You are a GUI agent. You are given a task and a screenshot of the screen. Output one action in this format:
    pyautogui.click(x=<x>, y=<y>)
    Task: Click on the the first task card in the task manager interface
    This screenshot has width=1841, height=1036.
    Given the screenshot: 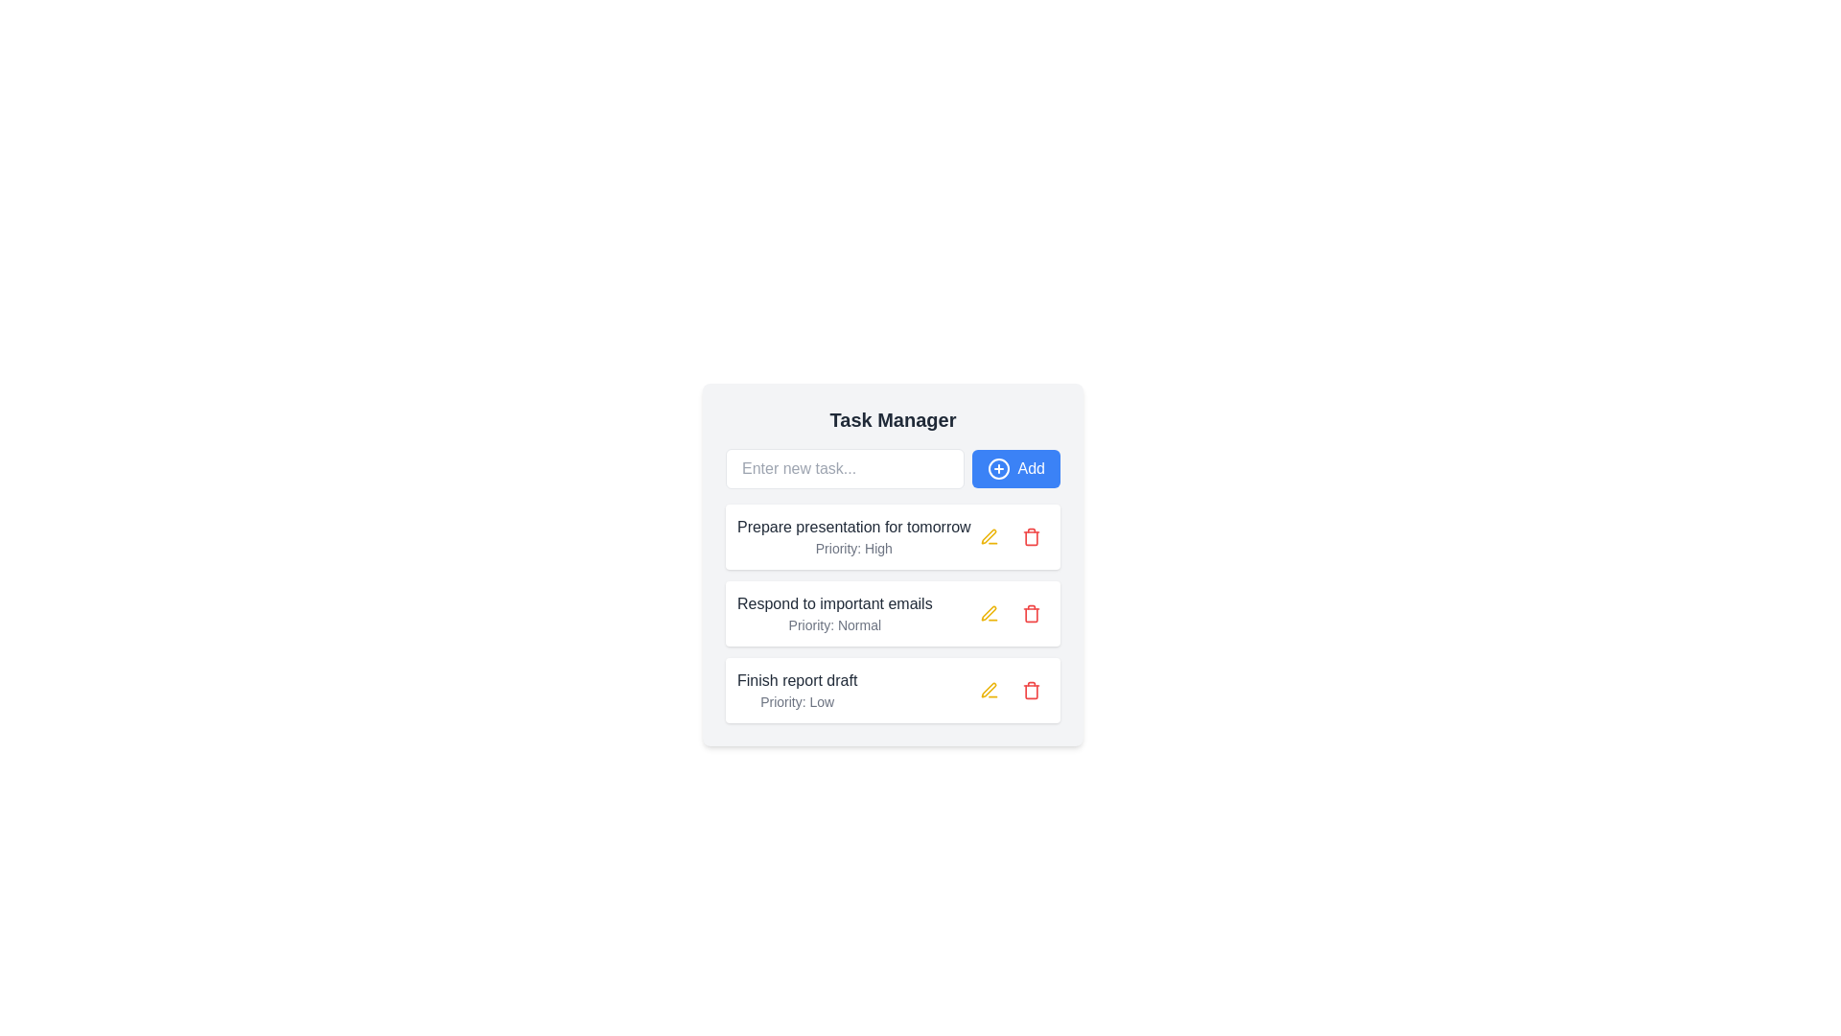 What is the action you would take?
    pyautogui.click(x=892, y=564)
    